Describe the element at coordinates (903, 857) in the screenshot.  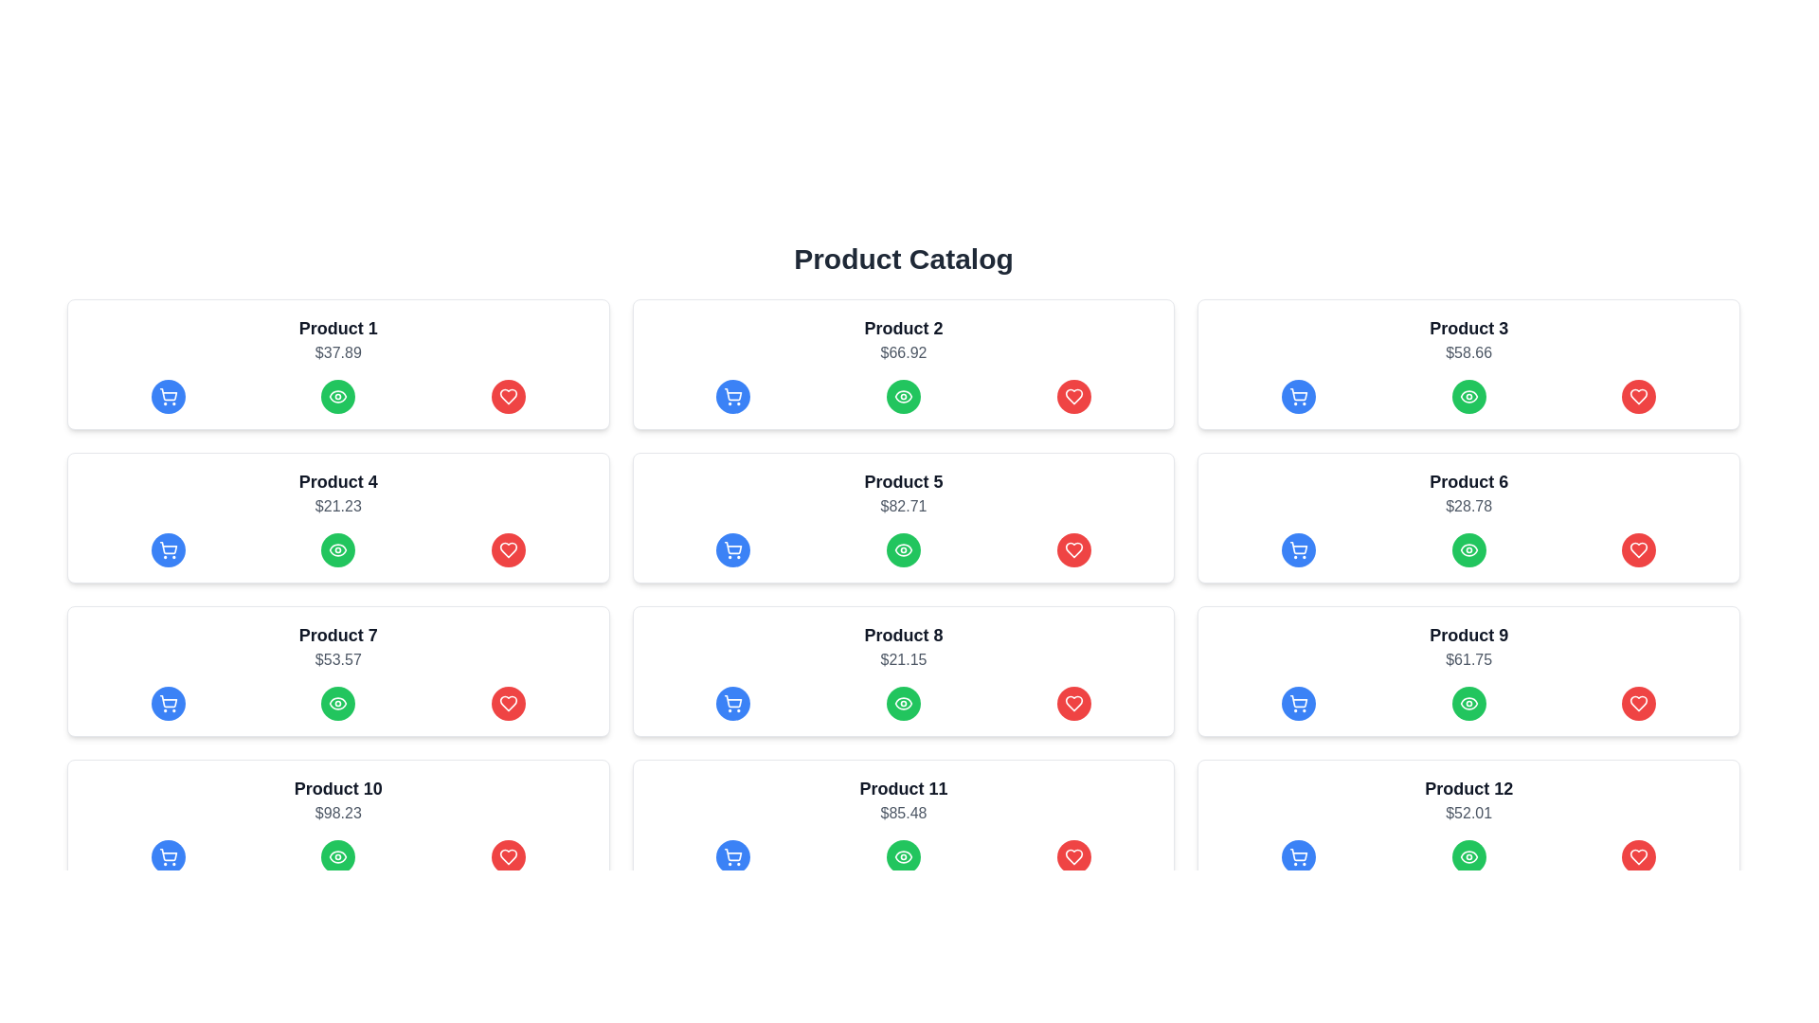
I see `the green circular eye icon with a white outline located in the product card for 'Product 11', positioned between the shopping cart and heart icons` at that location.